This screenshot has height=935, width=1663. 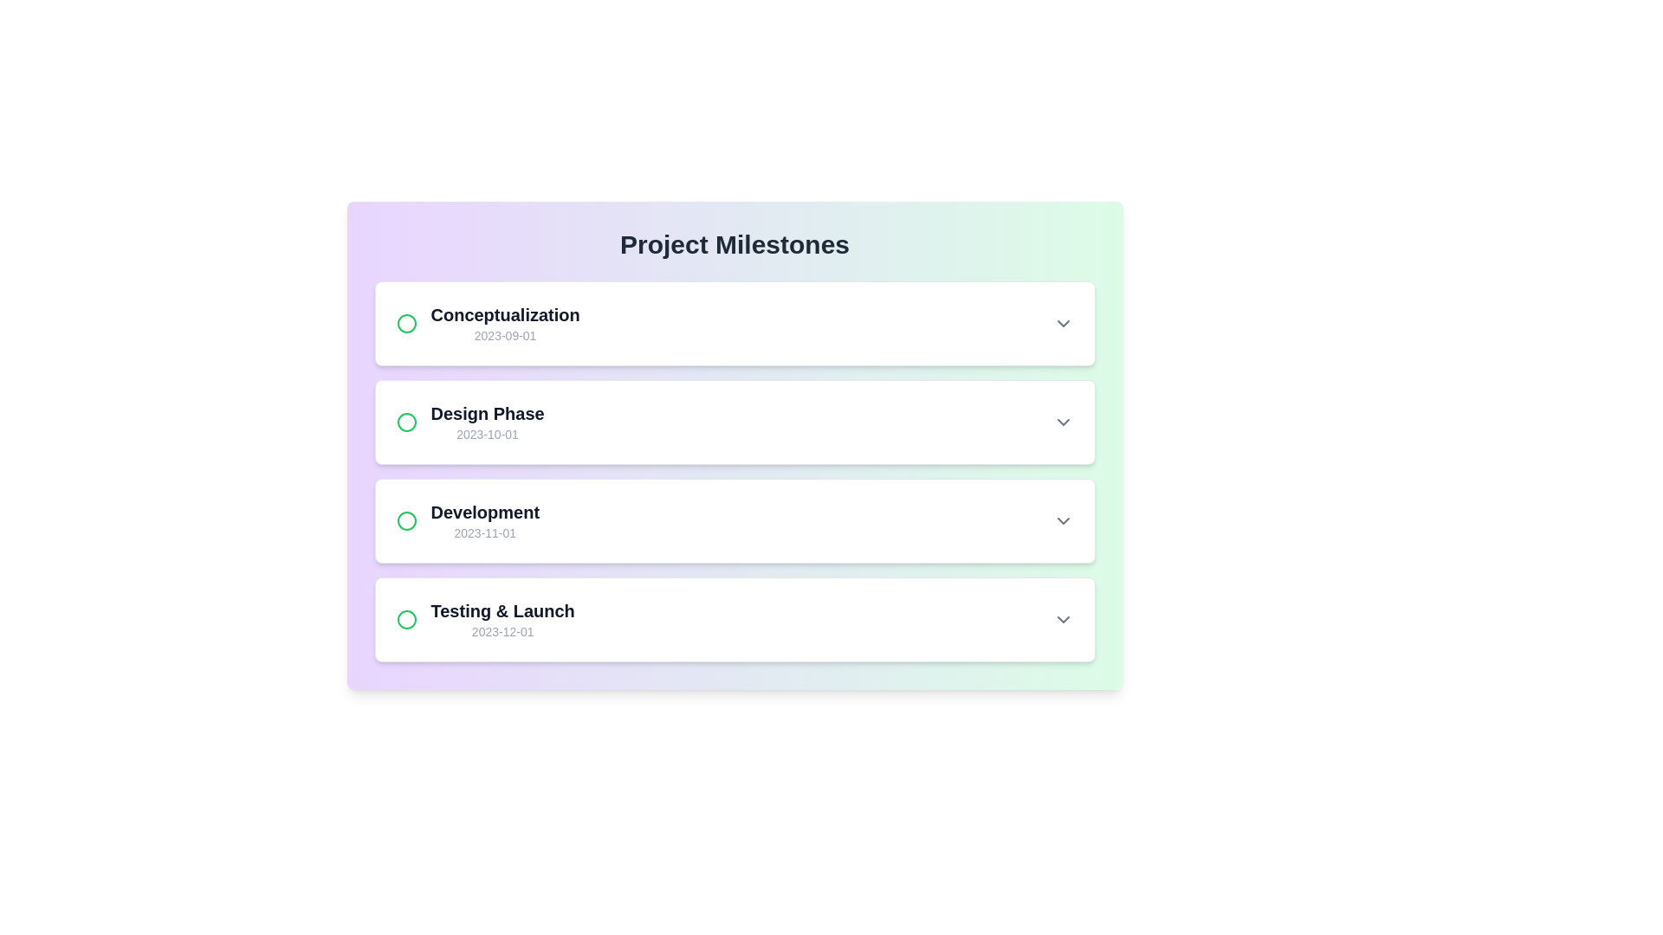 What do you see at coordinates (485, 519) in the screenshot?
I see `the third milestone in the Project Milestones section, which provides a title and associated date for tracking progress` at bounding box center [485, 519].